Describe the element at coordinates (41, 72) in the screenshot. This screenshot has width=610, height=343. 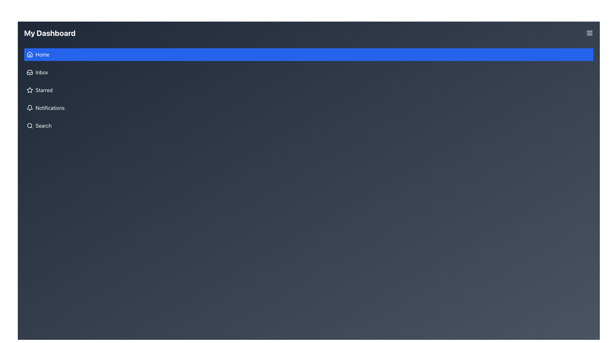
I see `the 'Inbox' text label, which displays the word 'Inbox' in white font on a dark background, located in the vertical navigation menu on the left side of the interface` at that location.